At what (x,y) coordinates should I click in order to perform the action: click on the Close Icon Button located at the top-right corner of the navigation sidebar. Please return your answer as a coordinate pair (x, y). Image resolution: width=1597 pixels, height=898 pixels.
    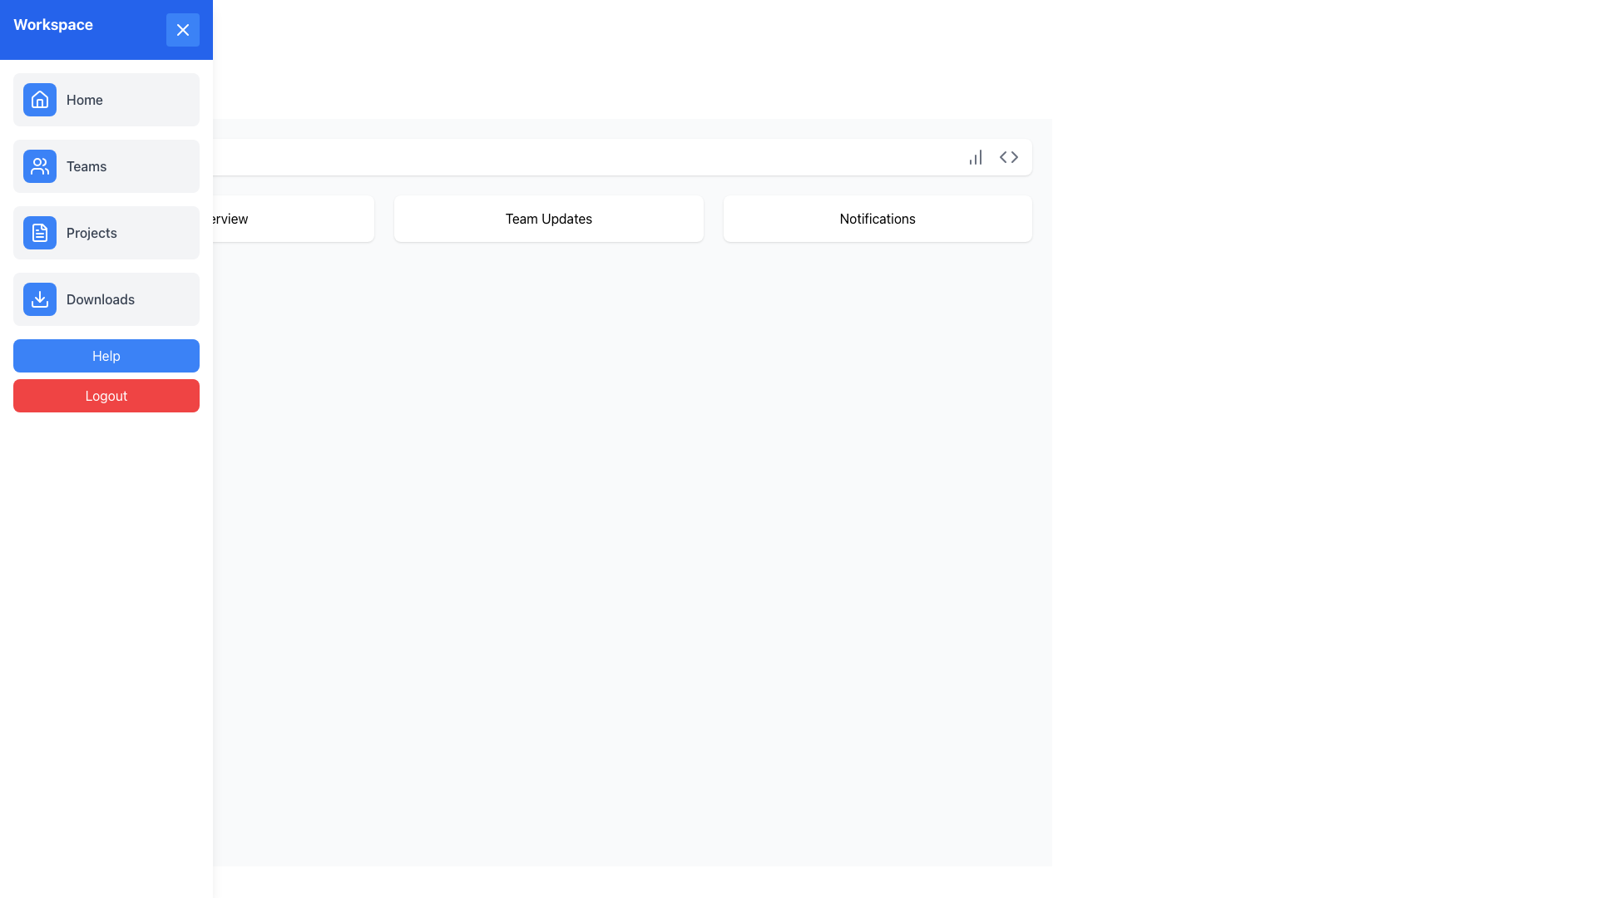
    Looking at the image, I should click on (183, 29).